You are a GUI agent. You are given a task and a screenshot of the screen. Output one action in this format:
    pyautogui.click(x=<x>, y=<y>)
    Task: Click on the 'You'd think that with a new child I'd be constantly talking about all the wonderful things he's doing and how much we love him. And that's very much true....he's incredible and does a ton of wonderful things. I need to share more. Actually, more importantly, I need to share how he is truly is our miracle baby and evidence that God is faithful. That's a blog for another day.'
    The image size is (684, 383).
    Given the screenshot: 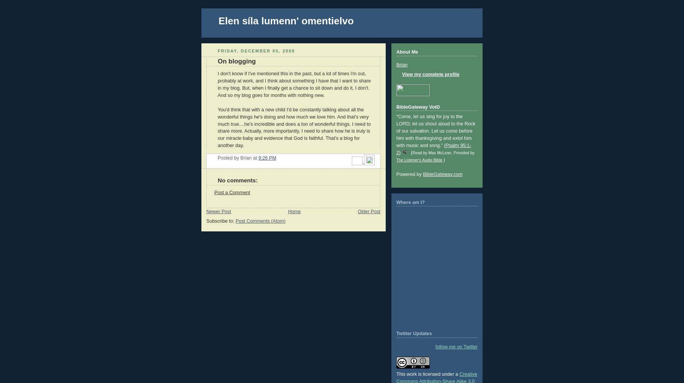 What is the action you would take?
    pyautogui.click(x=294, y=127)
    